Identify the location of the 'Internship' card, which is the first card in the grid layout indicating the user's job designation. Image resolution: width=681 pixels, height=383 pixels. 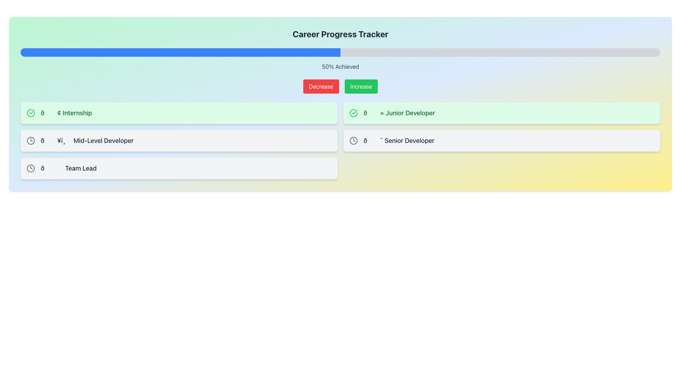
(179, 113).